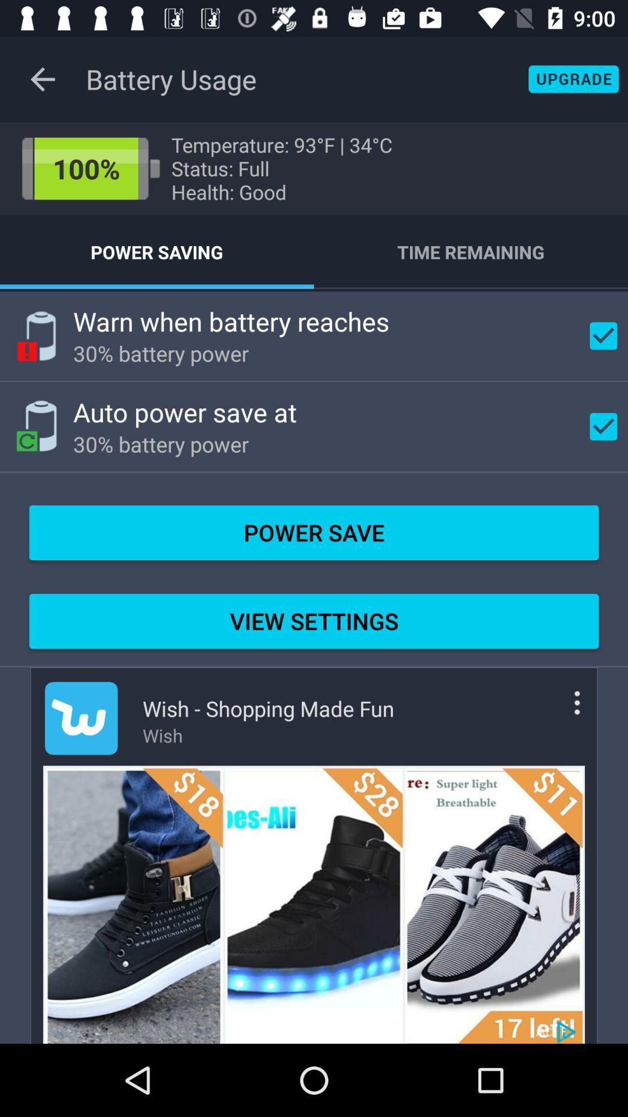 The image size is (628, 1117). What do you see at coordinates (42, 79) in the screenshot?
I see `go back` at bounding box center [42, 79].